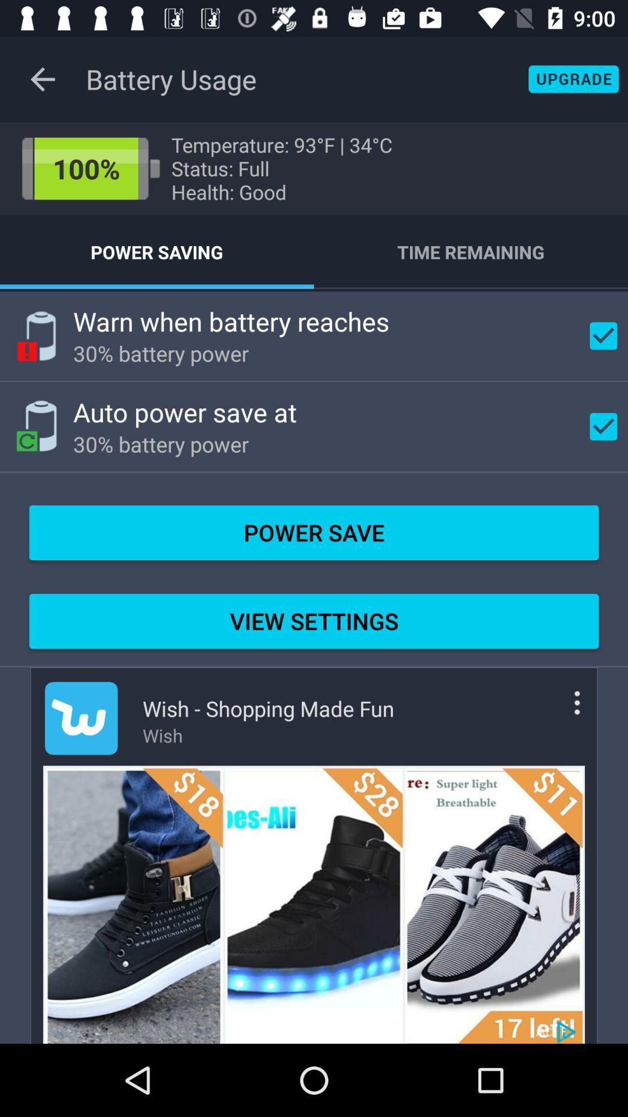 The image size is (628, 1117). What do you see at coordinates (42, 79) in the screenshot?
I see `go back` at bounding box center [42, 79].